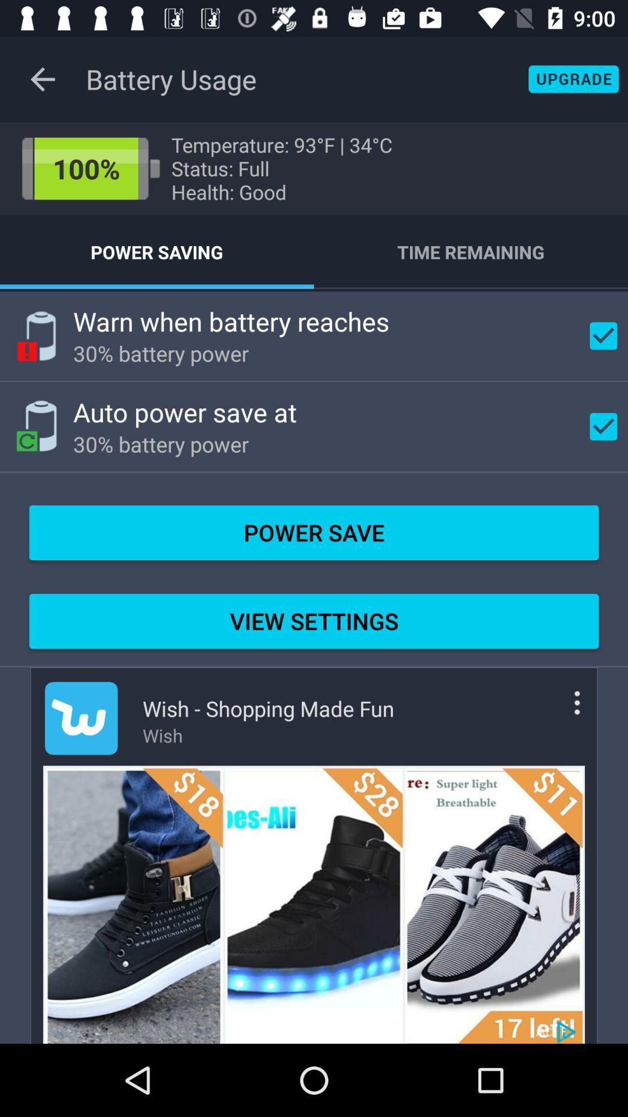 The image size is (628, 1117). What do you see at coordinates (42, 79) in the screenshot?
I see `go back` at bounding box center [42, 79].